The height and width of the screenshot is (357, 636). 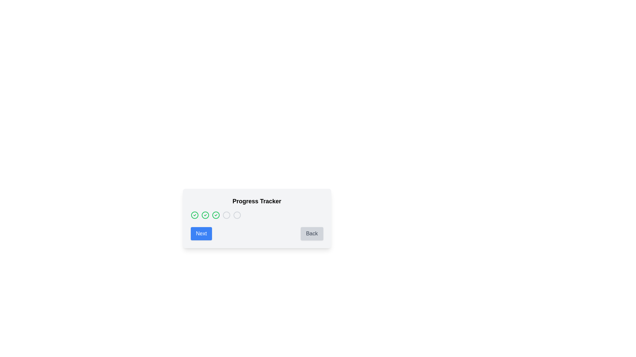 What do you see at coordinates (216, 215) in the screenshot?
I see `progress information by clicking on the second circular progress marker with a bold green outline in the progress tracker` at bounding box center [216, 215].